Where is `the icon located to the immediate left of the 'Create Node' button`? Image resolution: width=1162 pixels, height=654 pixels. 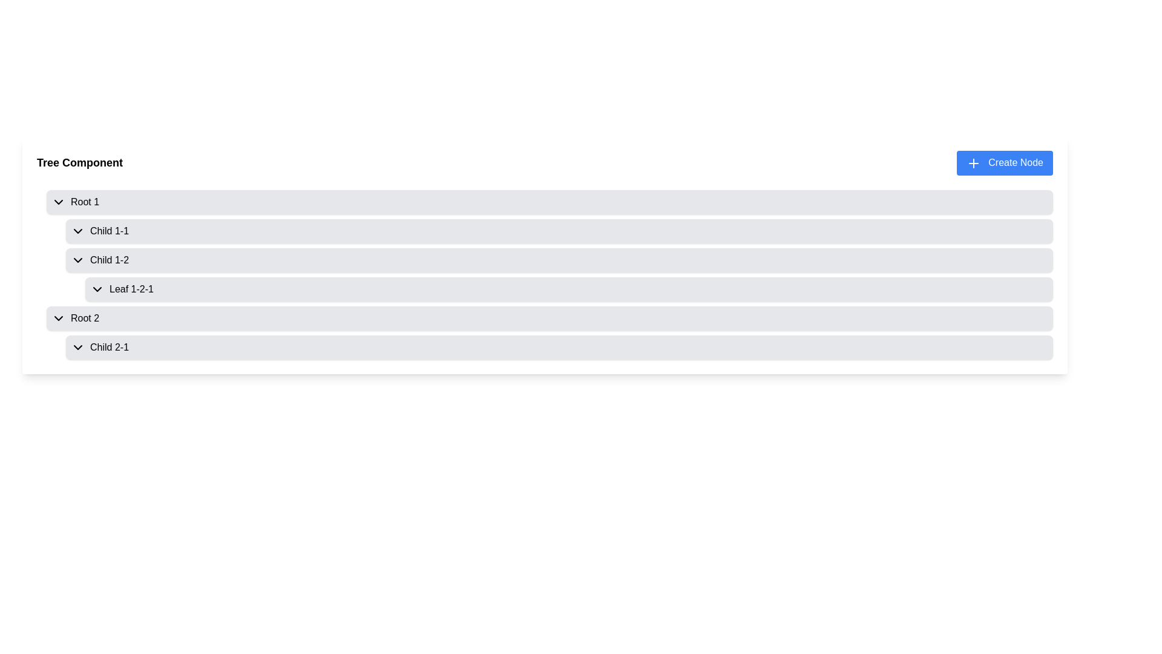 the icon located to the immediate left of the 'Create Node' button is located at coordinates (973, 162).